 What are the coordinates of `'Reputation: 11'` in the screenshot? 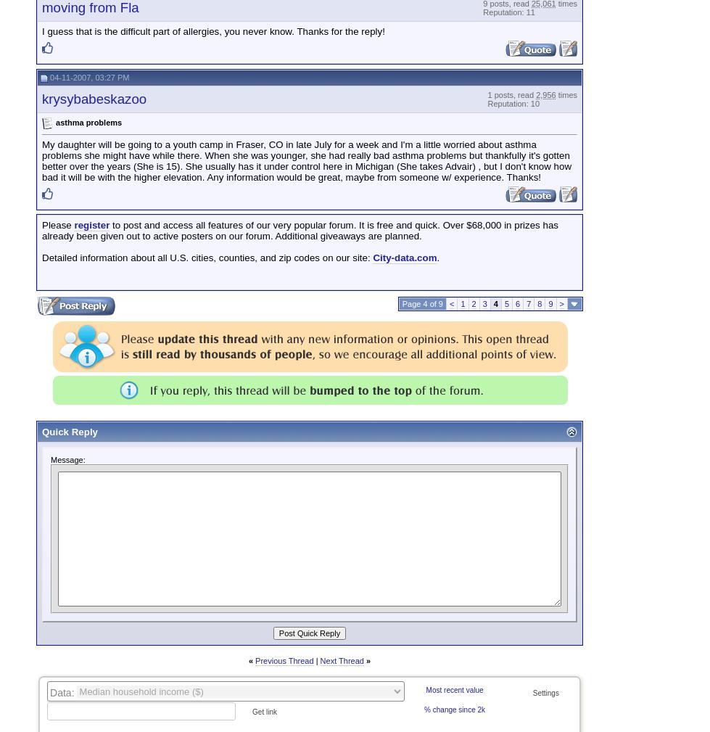 It's located at (508, 11).